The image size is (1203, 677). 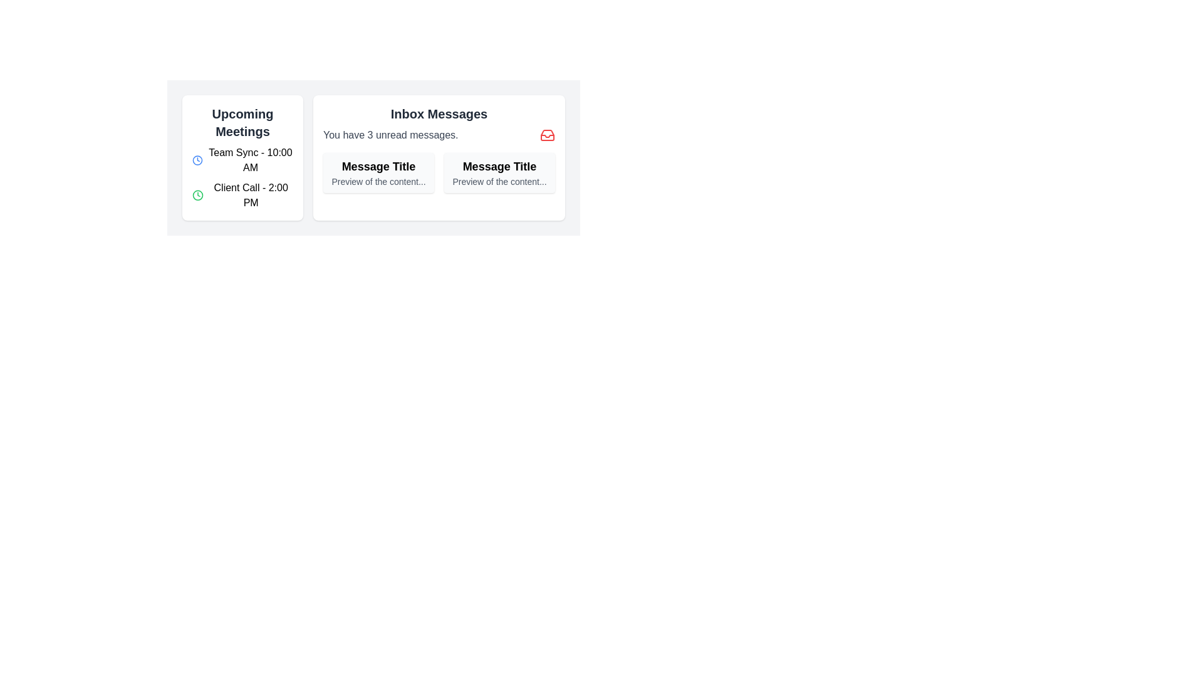 I want to click on the text preview located at the bottom of the second item in the Inbox Messages section, directly below the 'Message Title', so click(x=499, y=181).